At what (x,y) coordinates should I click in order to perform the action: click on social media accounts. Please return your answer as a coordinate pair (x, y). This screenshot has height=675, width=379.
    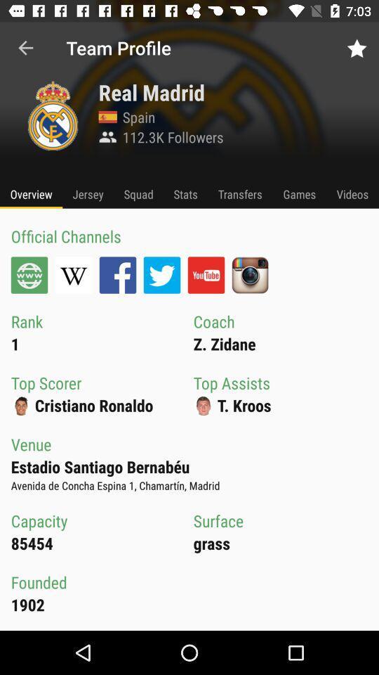
    Looking at the image, I should click on (73, 274).